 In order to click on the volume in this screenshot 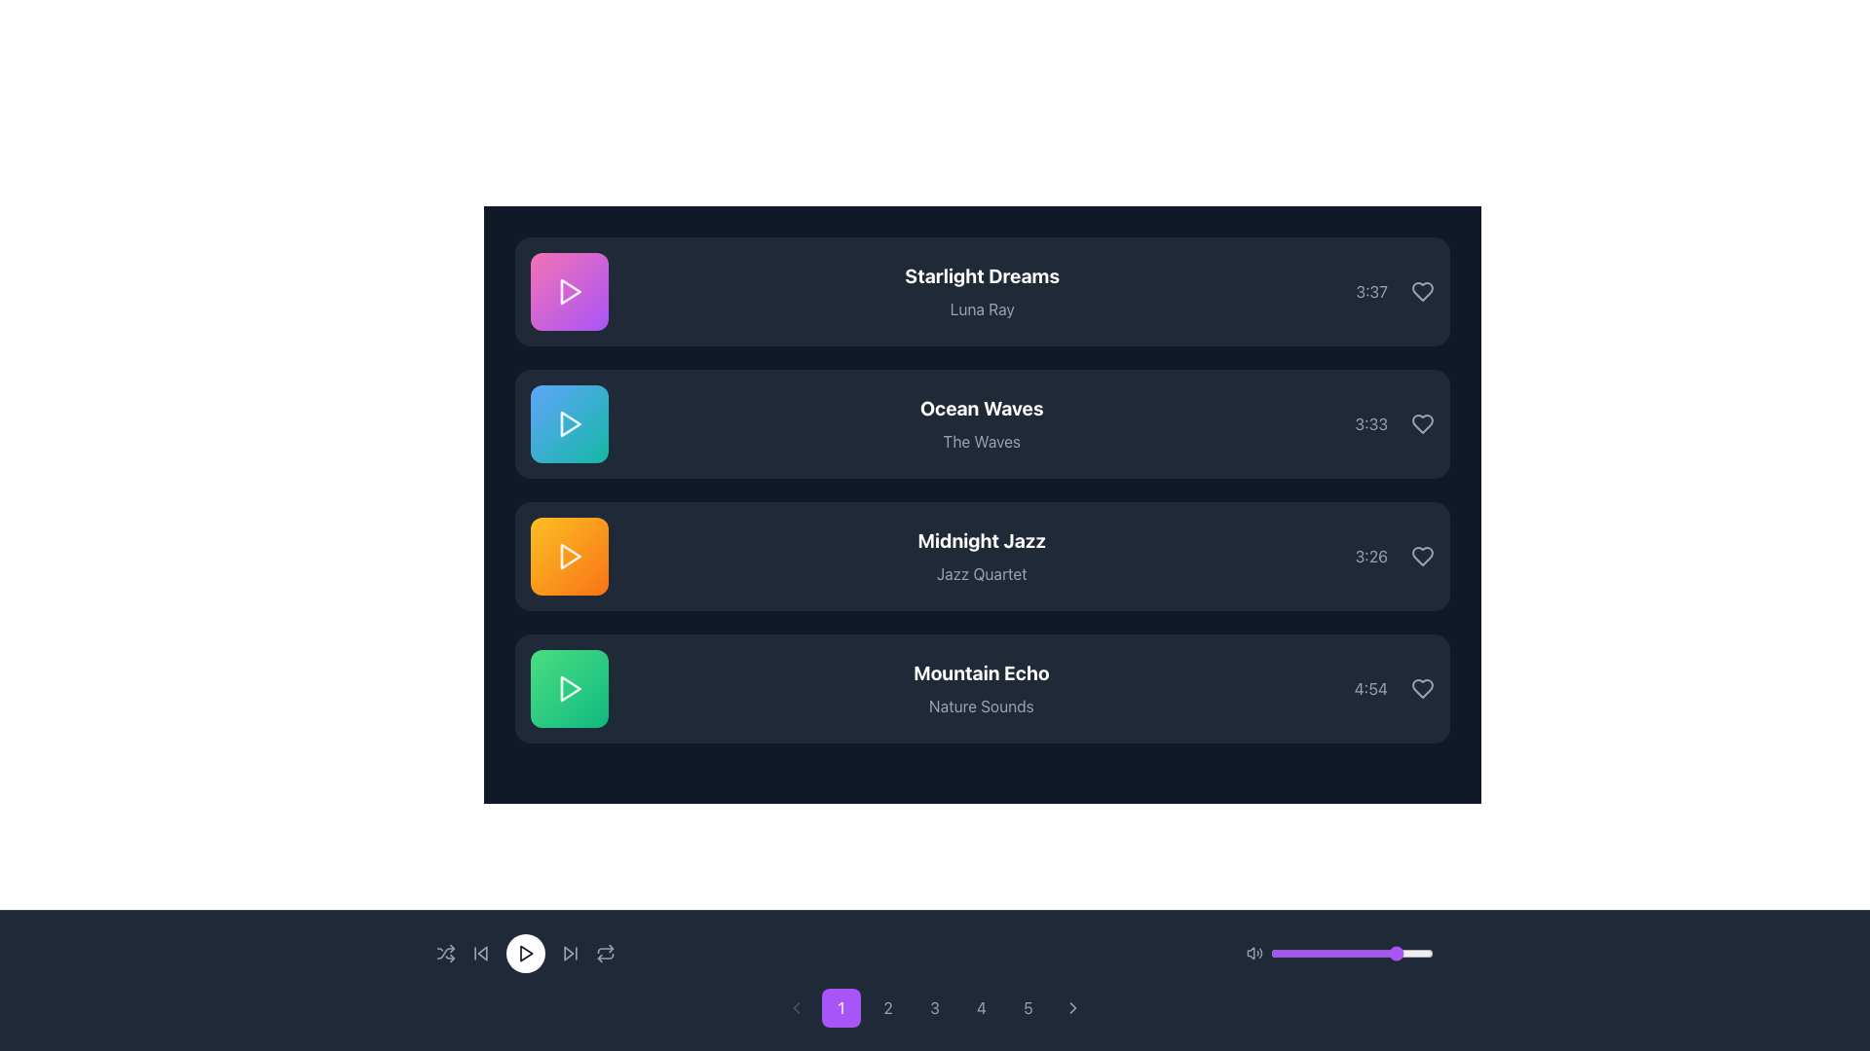, I will do `click(1305, 952)`.